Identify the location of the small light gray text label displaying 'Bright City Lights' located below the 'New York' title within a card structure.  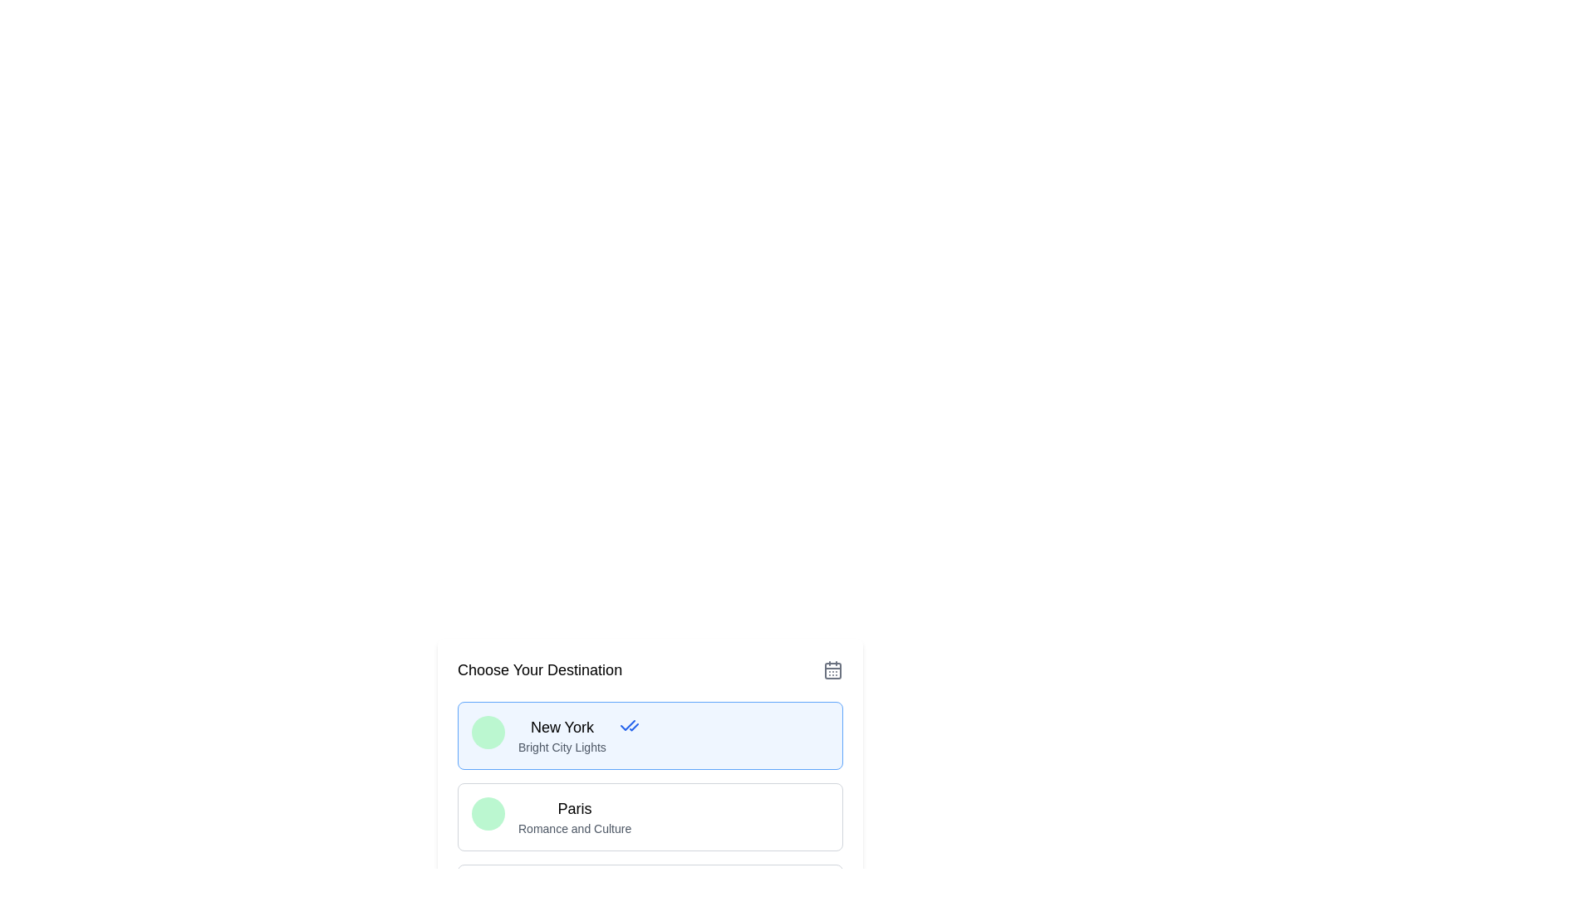
(562, 746).